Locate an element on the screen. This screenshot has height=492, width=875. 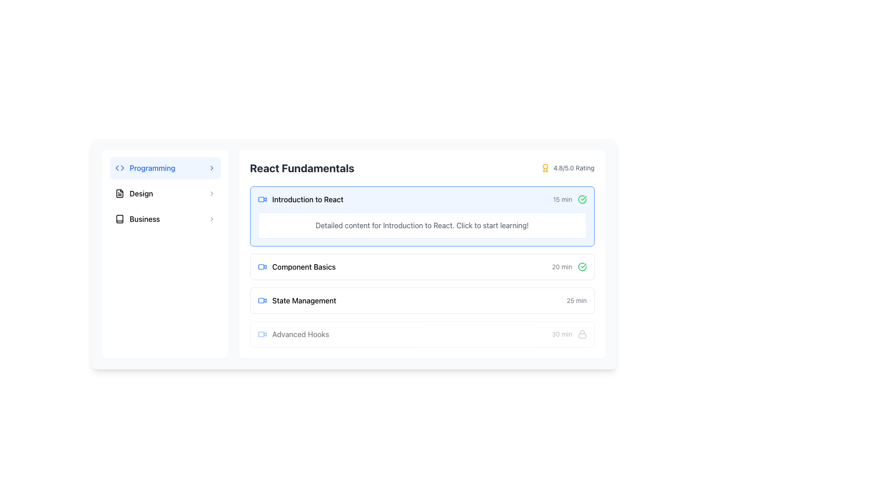
the text label 'State Management', which is positioned below 'Component Basics' and above 'Advanced Hooks' in the 'React Fundamentals' section is located at coordinates (304, 300).